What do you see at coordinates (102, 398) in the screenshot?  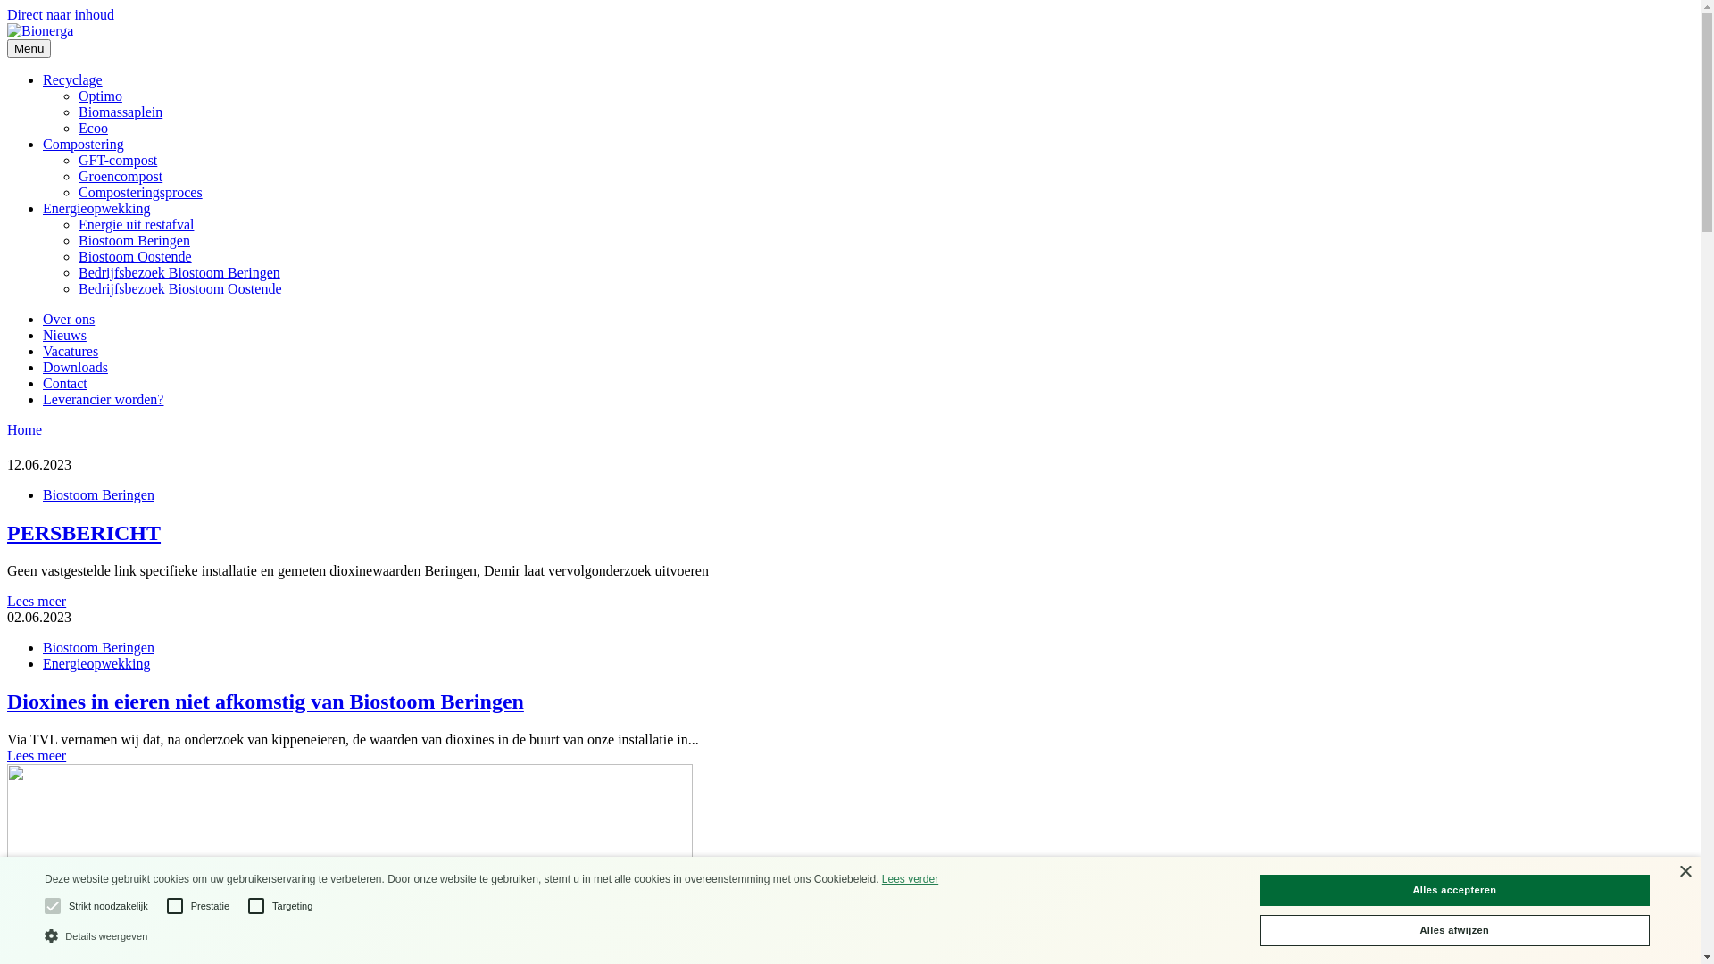 I see `'Leverancier worden?'` at bounding box center [102, 398].